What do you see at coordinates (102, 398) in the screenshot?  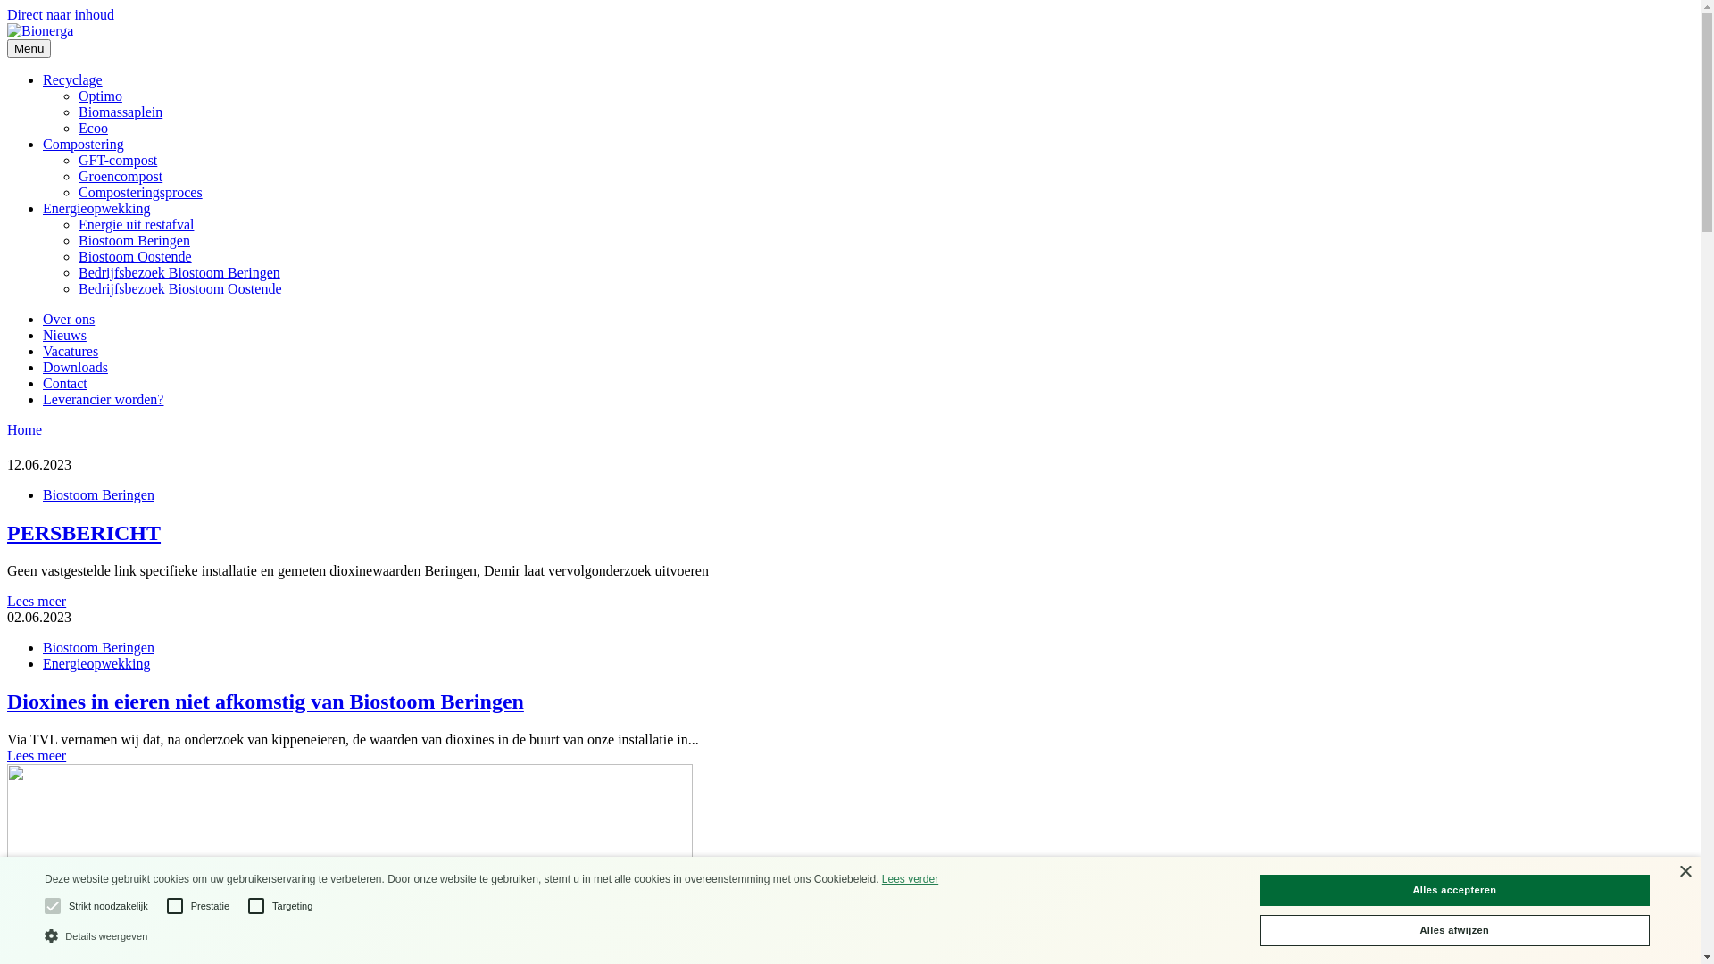 I see `'Leverancier worden?'` at bounding box center [102, 398].